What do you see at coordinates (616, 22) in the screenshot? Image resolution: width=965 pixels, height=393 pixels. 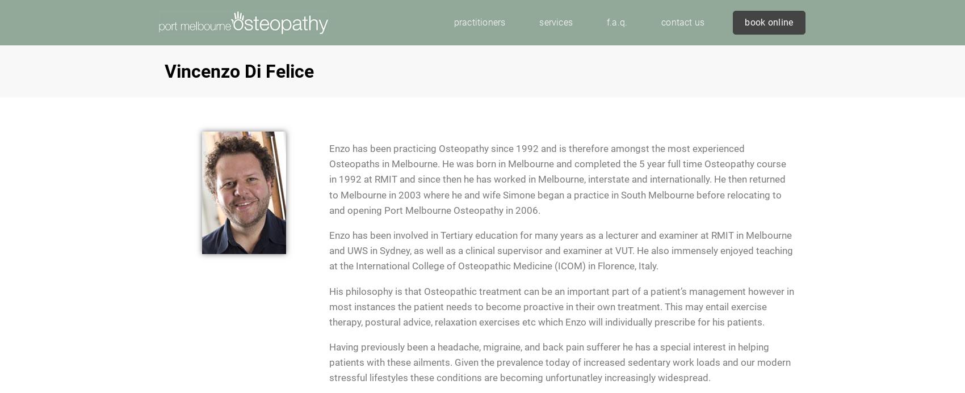 I see `'f.a.q.'` at bounding box center [616, 22].